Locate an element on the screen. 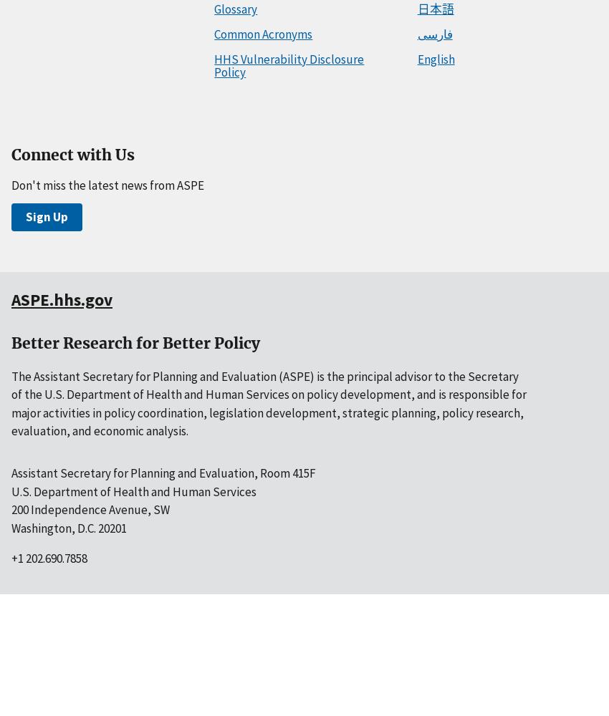  '+1 202.690.7858' is located at coordinates (49, 558).